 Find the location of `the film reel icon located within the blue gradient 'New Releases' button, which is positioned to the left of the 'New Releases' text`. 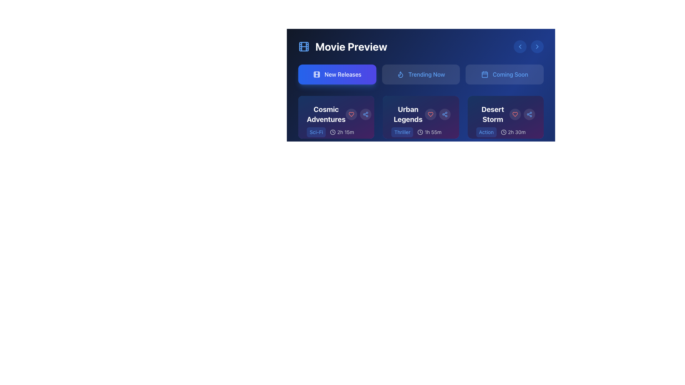

the film reel icon located within the blue gradient 'New Releases' button, which is positioned to the left of the 'New Releases' text is located at coordinates (316, 74).